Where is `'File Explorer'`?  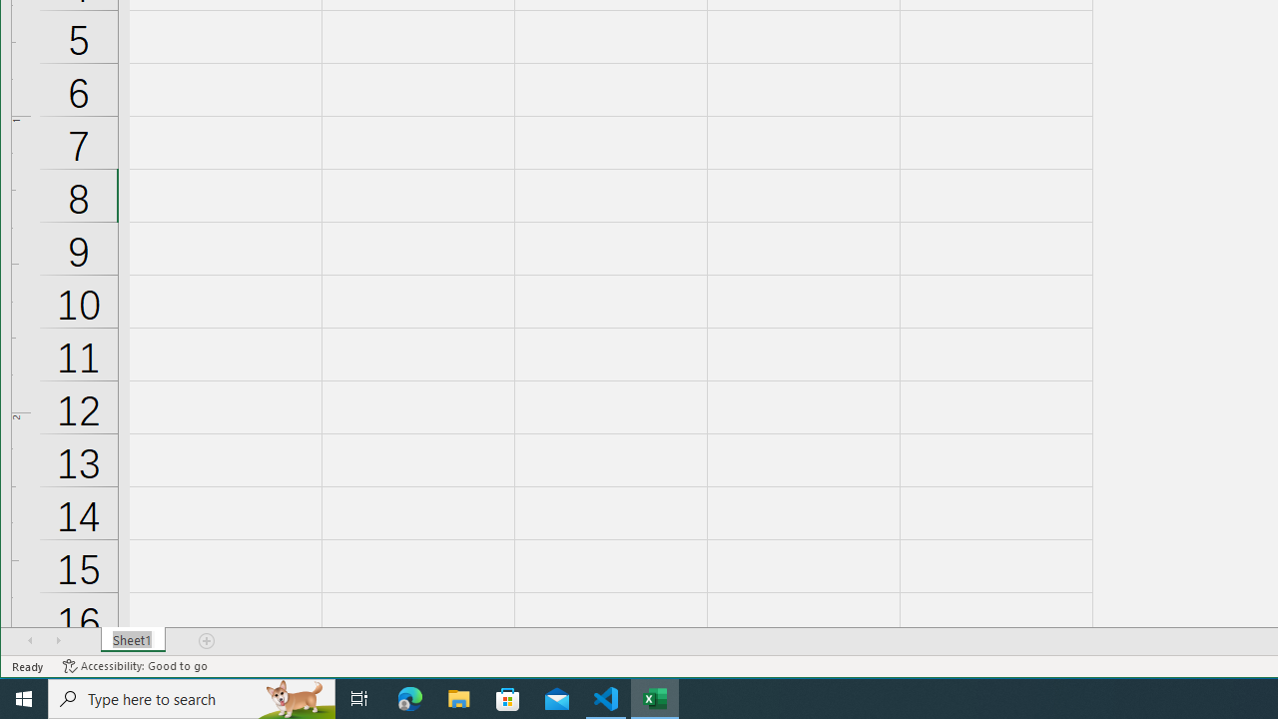
'File Explorer' is located at coordinates (458, 697).